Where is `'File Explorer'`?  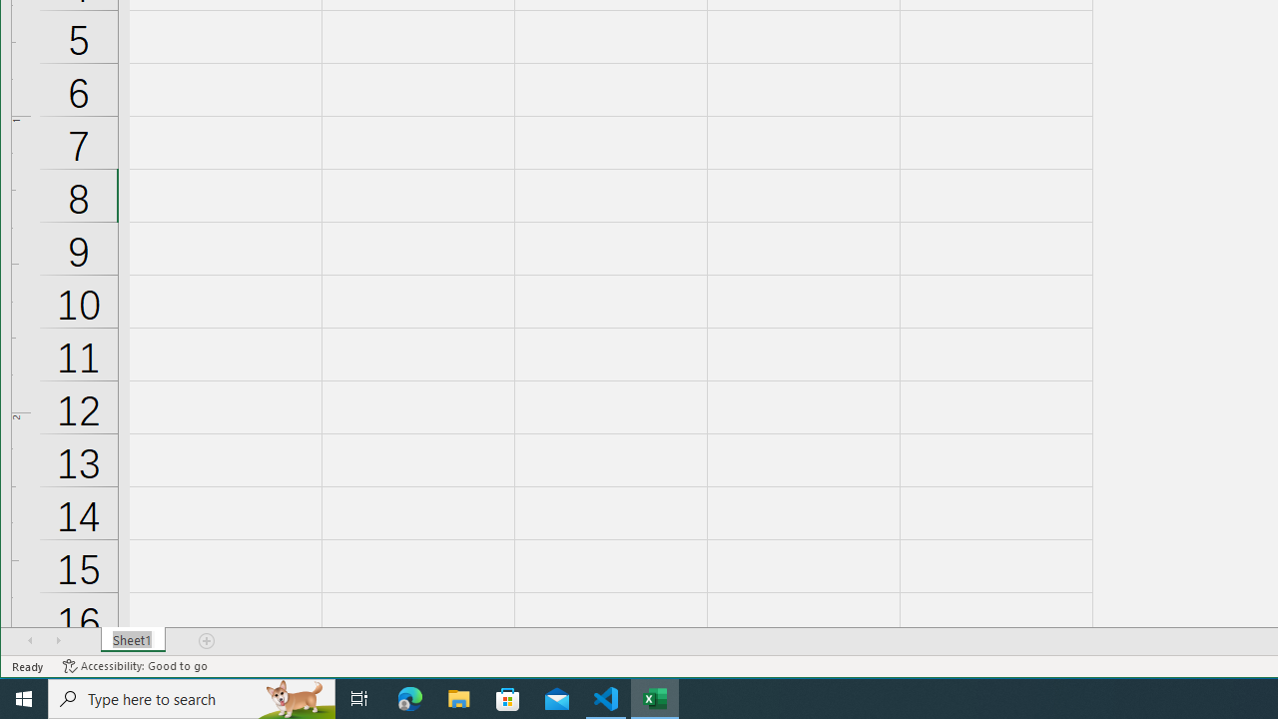
'File Explorer' is located at coordinates (458, 697).